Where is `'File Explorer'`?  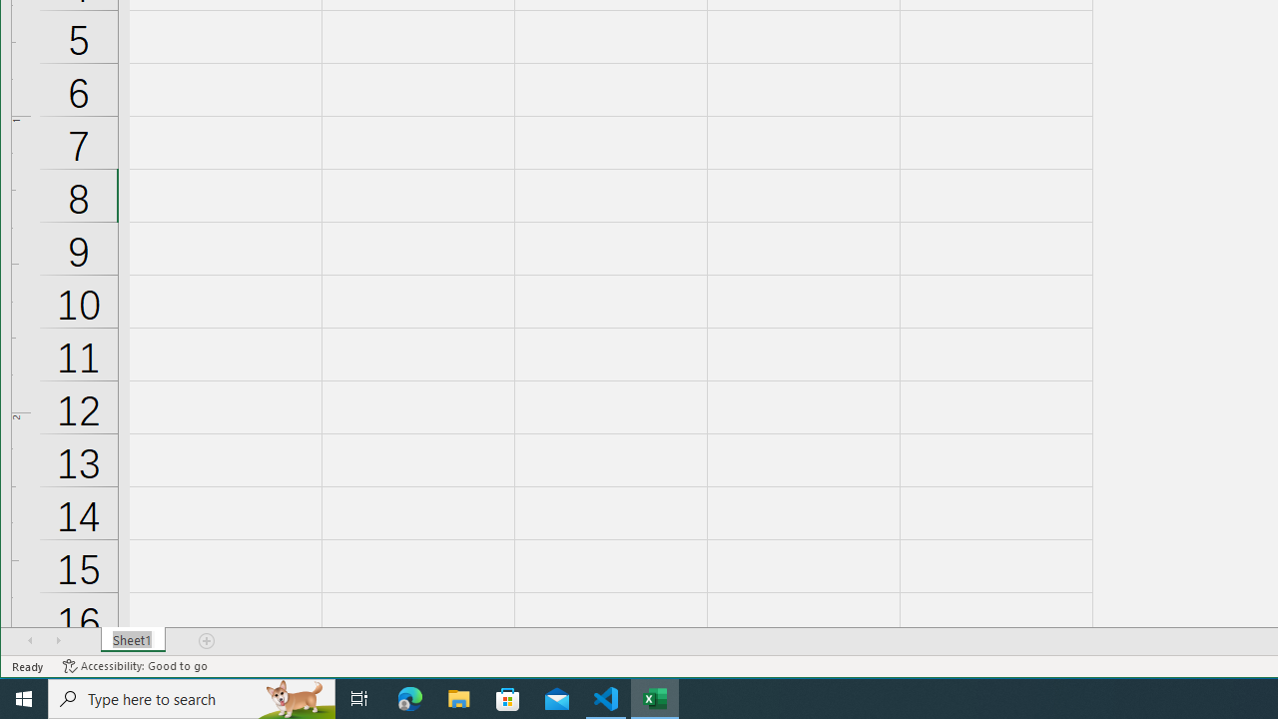
'File Explorer' is located at coordinates (458, 697).